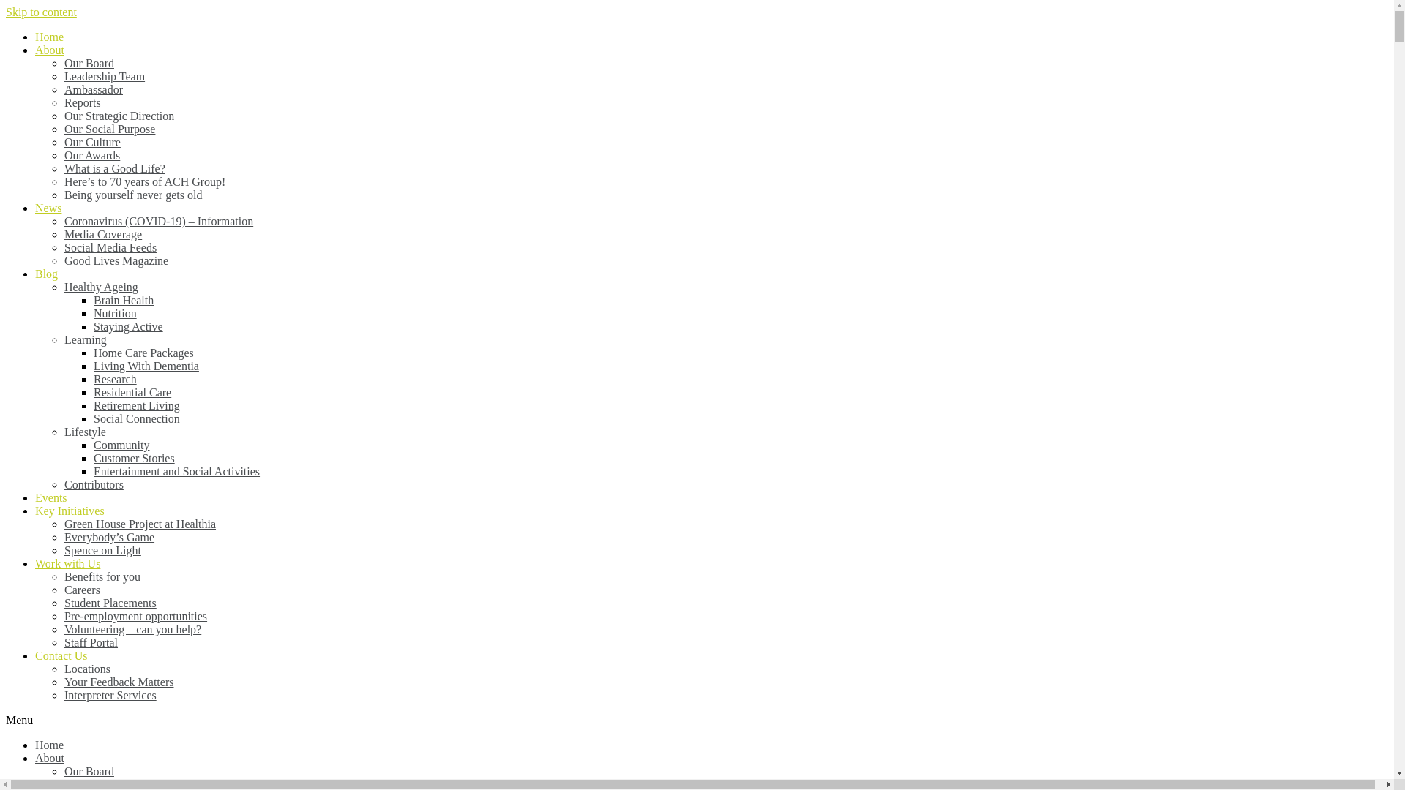  Describe the element at coordinates (104, 76) in the screenshot. I see `'Leadership Team'` at that location.